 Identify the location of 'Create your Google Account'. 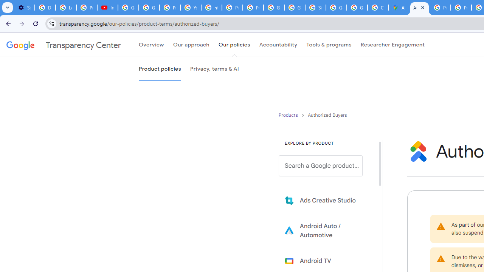
(378, 8).